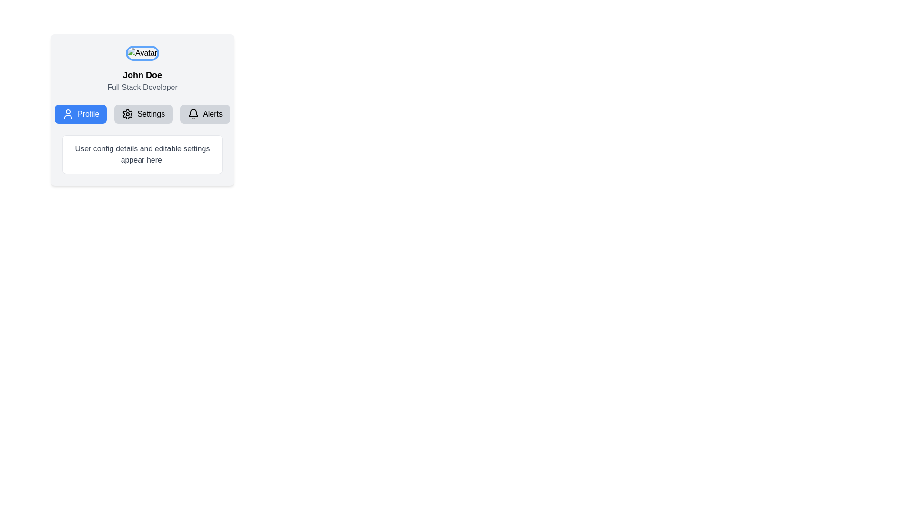 The width and height of the screenshot is (915, 514). I want to click on the settings button located centrally in a row of three buttons, positioned beneath the user profile section with the avatar and name 'John Doe', so click(143, 113).